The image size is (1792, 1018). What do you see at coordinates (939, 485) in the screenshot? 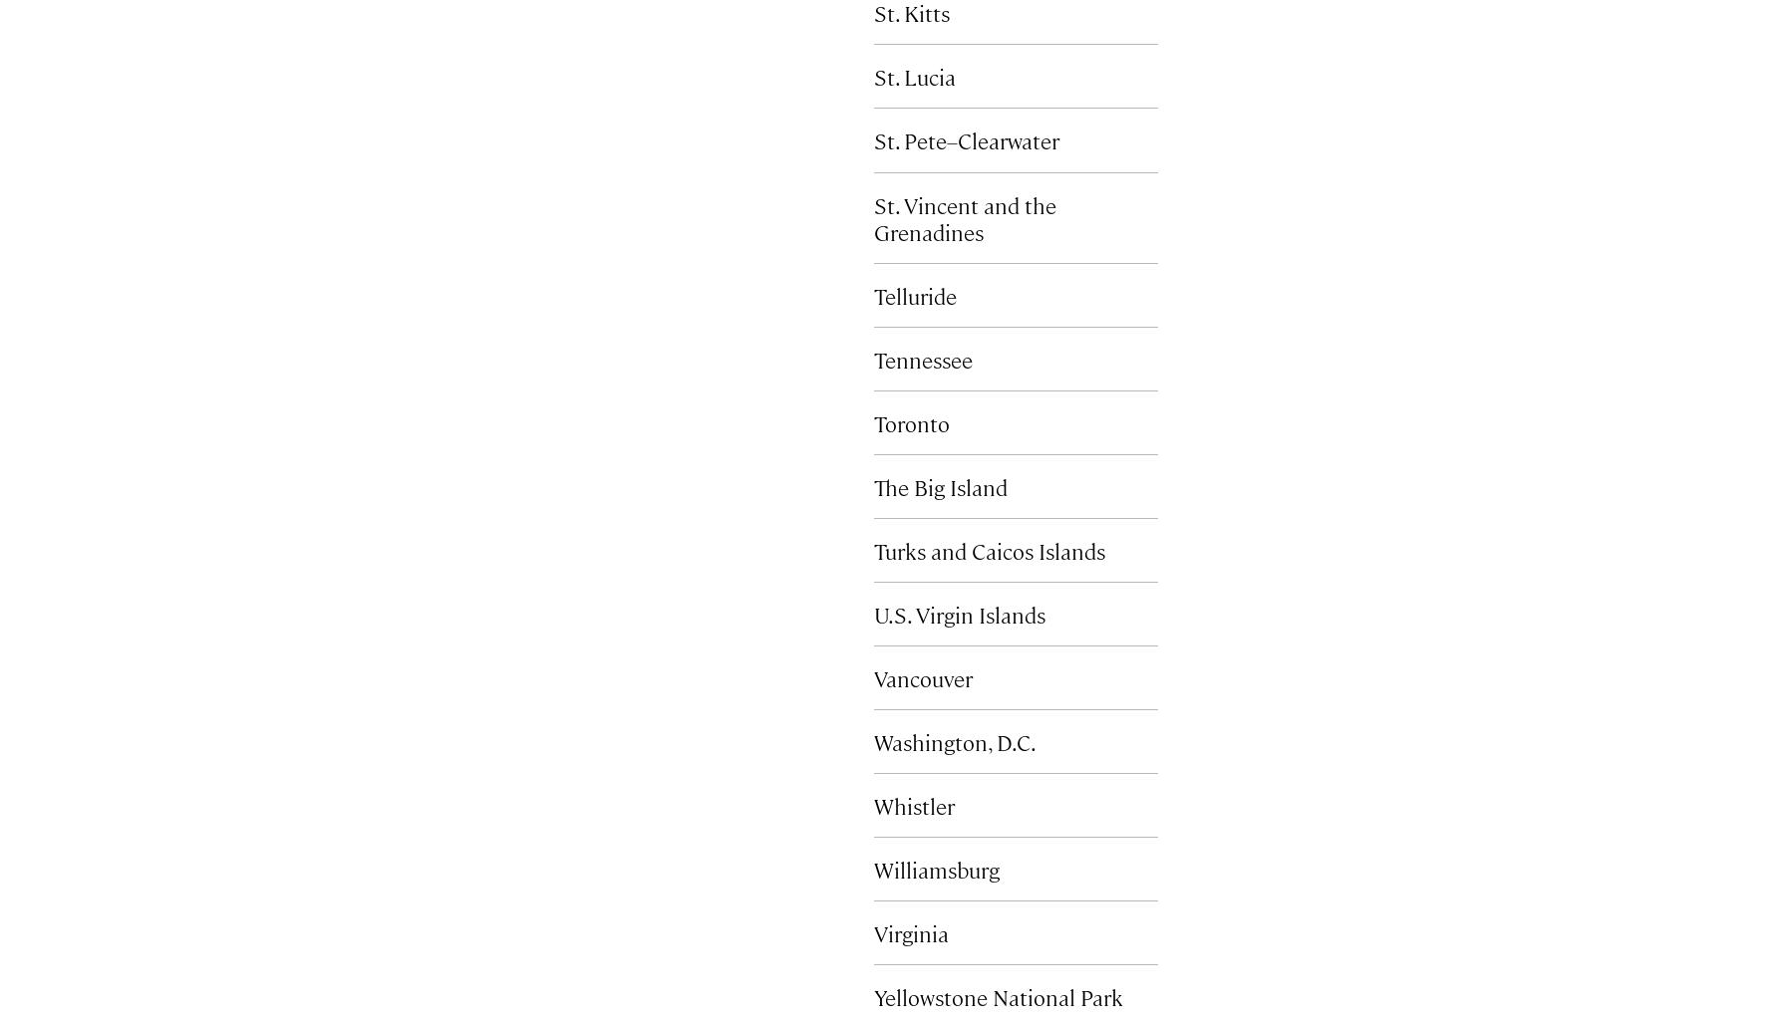
I see `'The Big Island'` at bounding box center [939, 485].